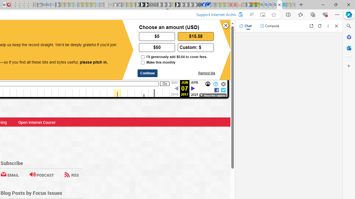 This screenshot has height=199, width=355. Describe the element at coordinates (275, 5) in the screenshot. I see `'Google Chrome Internet Browser Download - Search Images'` at that location.